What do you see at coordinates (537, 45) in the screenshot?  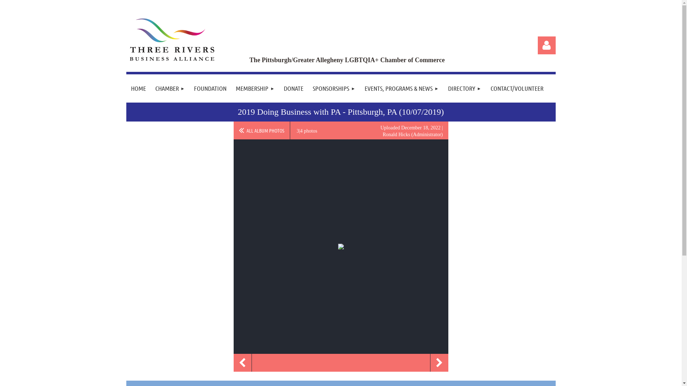 I see `'Log in'` at bounding box center [537, 45].